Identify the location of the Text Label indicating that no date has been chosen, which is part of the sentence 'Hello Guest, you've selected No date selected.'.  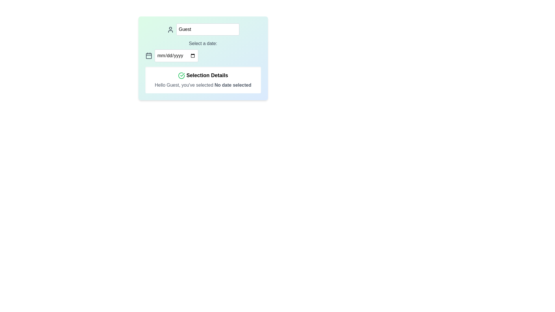
(233, 85).